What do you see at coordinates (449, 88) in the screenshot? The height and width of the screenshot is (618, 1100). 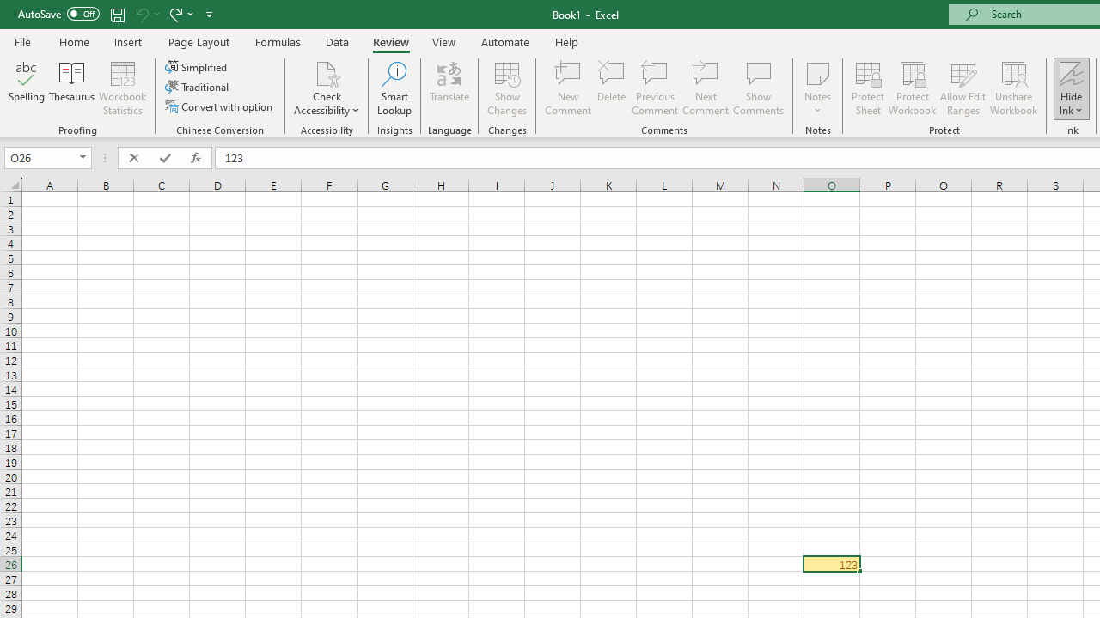 I see `'Translate'` at bounding box center [449, 88].